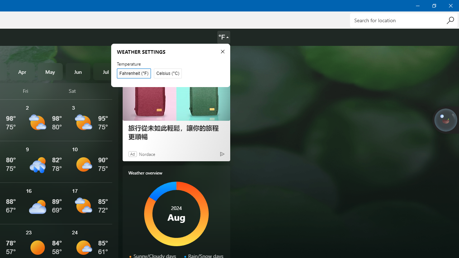 The image size is (459, 258). I want to click on 'Search for location', so click(403, 20).